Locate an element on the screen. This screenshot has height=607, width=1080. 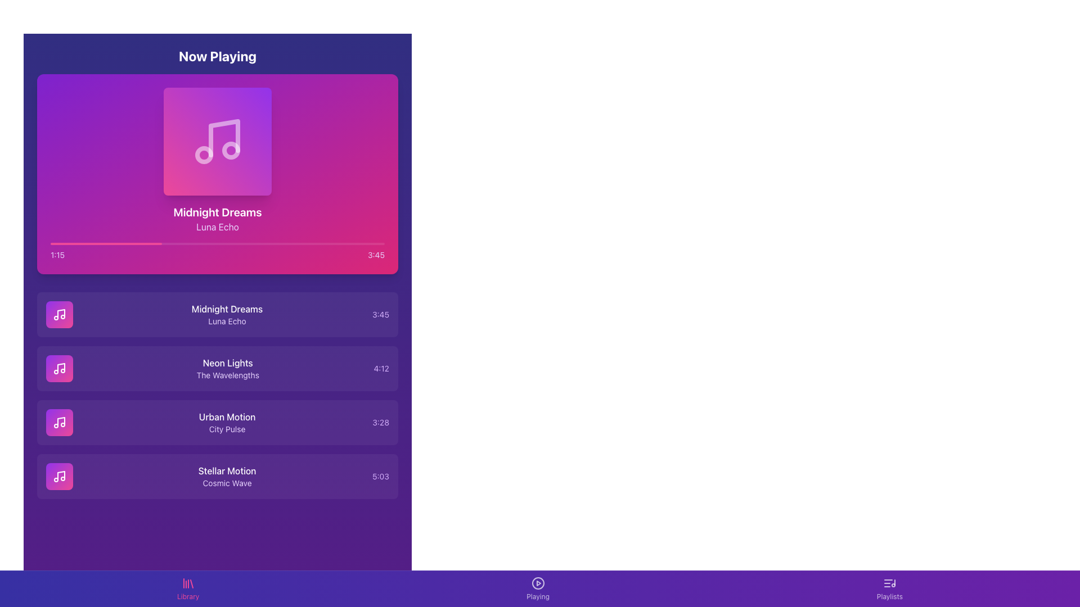
the media icon located near the center of the prominent rectangular card in the Now Playing view is located at coordinates (218, 141).